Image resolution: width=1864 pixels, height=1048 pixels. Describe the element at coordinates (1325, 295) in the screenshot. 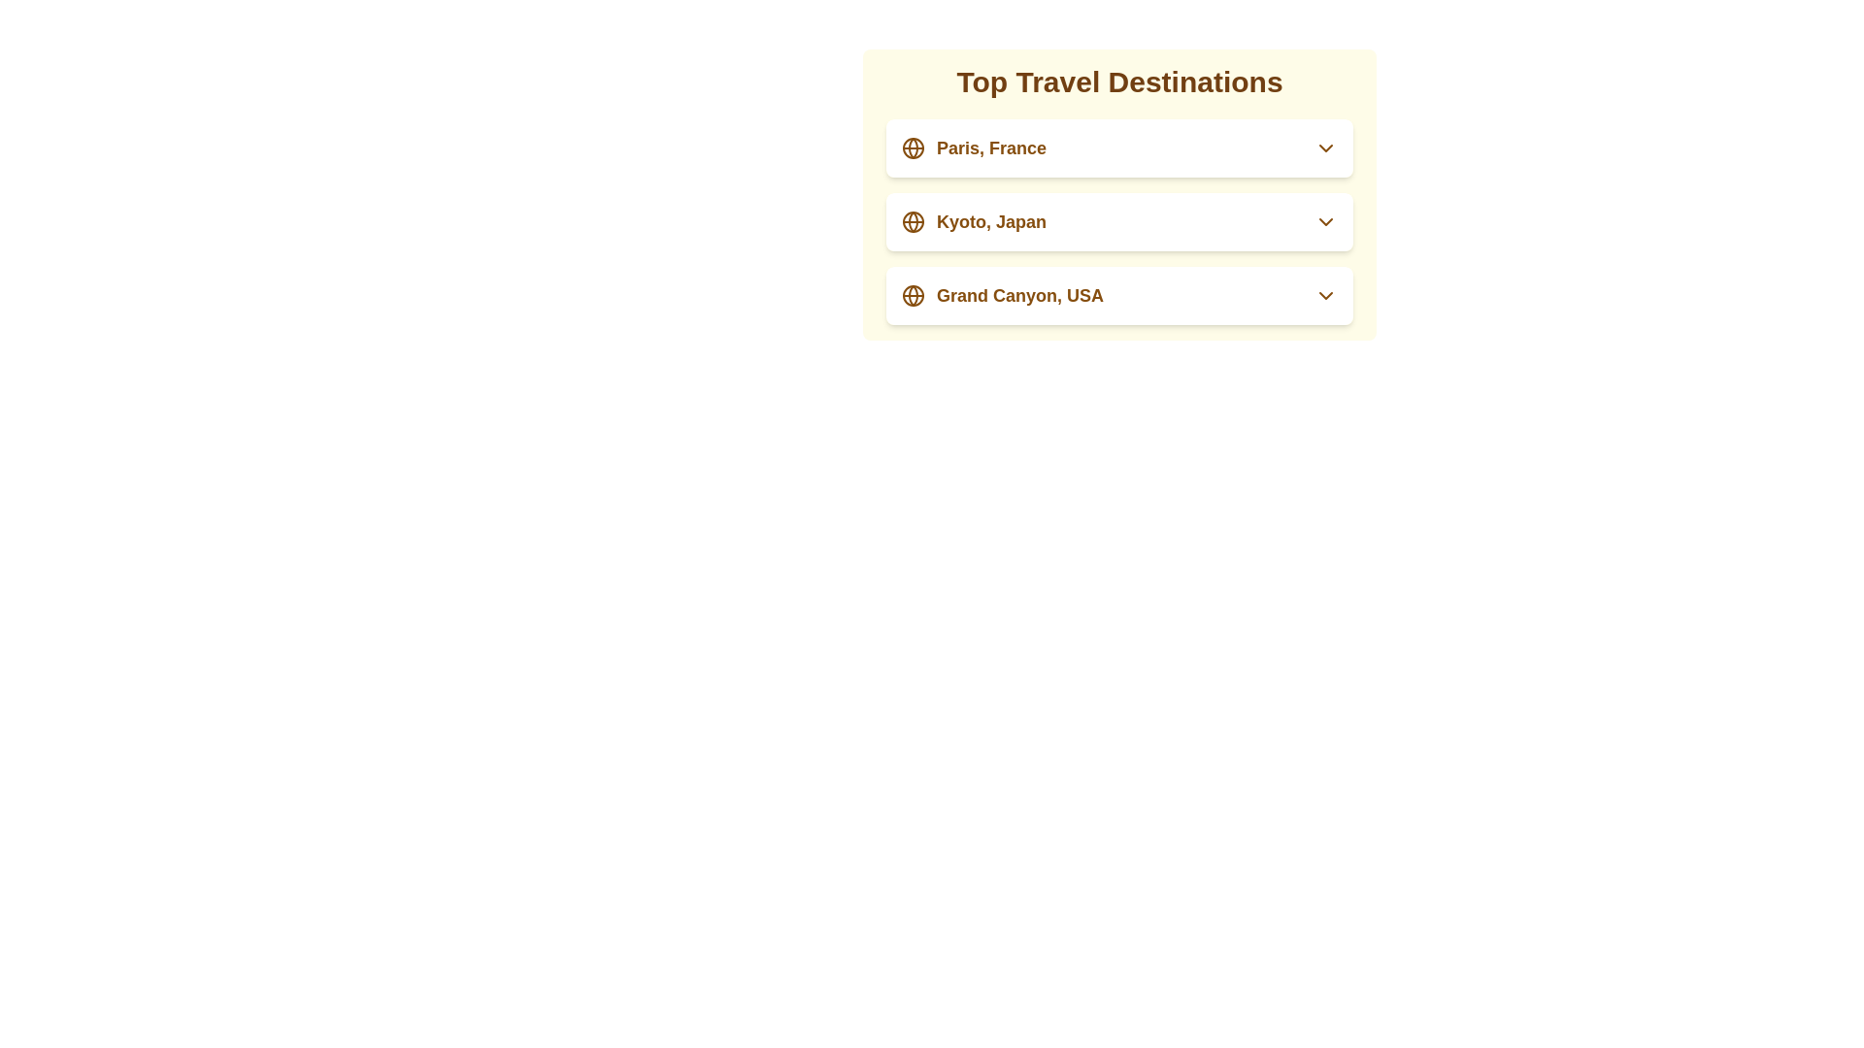

I see `the downward-facing chevron SVG icon located to the far-right of the 'Grand Canyon, USA' text in the third row of the 'Top Travel Destinations' list to trigger visual feedback` at that location.